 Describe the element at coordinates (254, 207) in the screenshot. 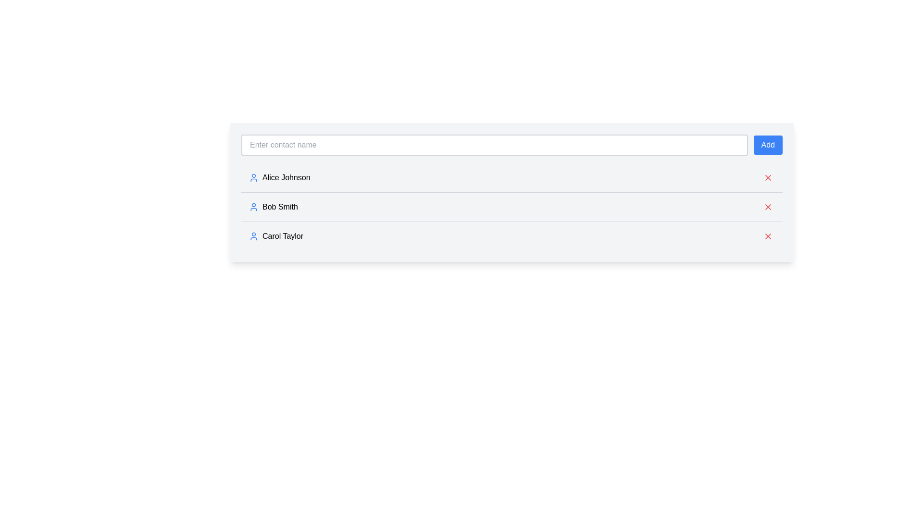

I see `the user profile silhouette icon, which is styled with a round head and a curved body outline in blue color, located to the left of the text 'Bob Smith'` at that location.